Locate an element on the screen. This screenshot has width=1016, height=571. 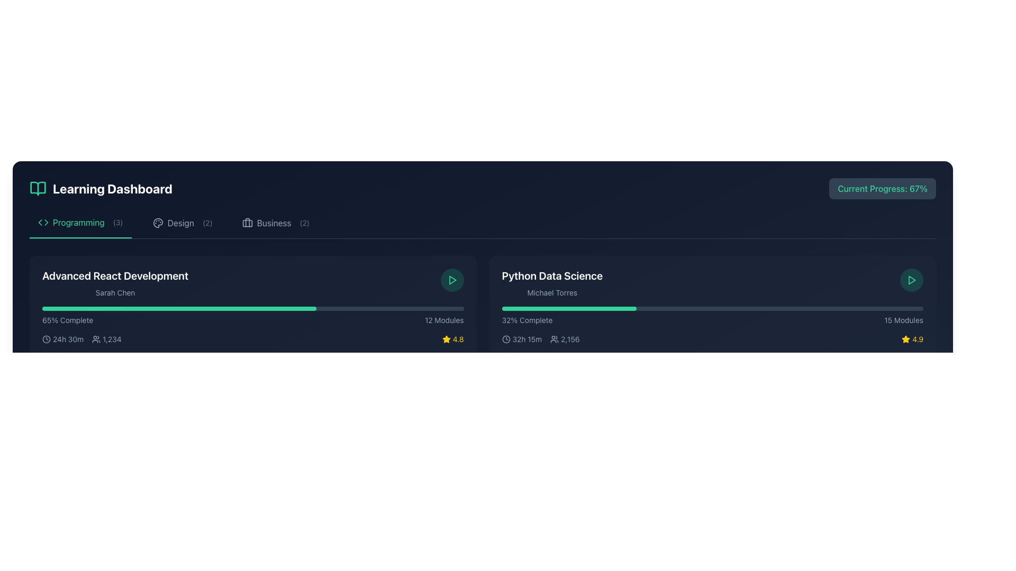
the 'Design' button with a painter's palette icon is located at coordinates (183, 226).